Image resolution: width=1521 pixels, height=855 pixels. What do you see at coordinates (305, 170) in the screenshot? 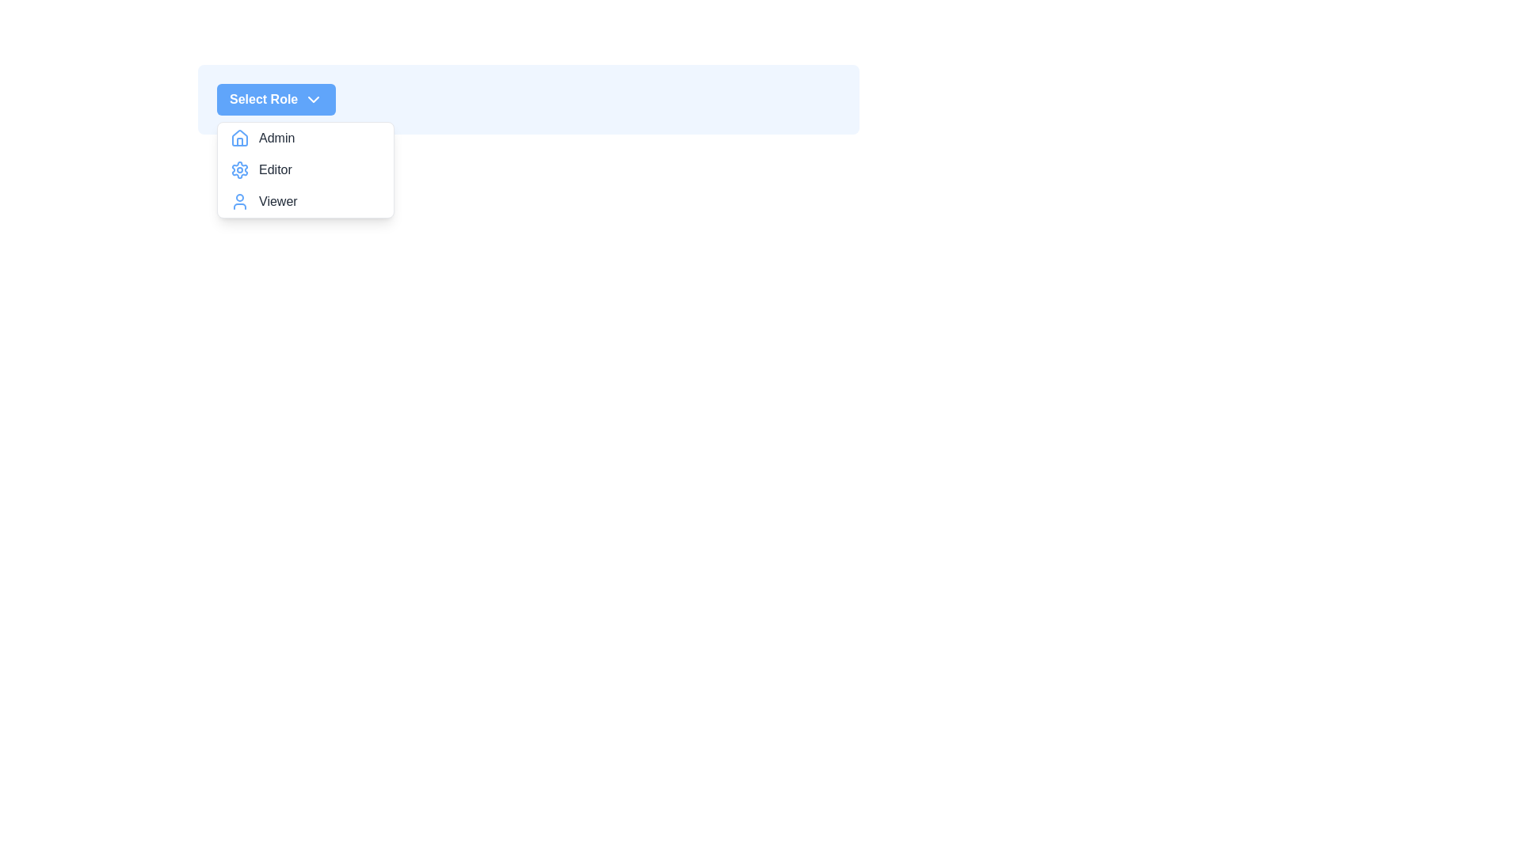
I see `the role Editor from the dropdown menu` at bounding box center [305, 170].